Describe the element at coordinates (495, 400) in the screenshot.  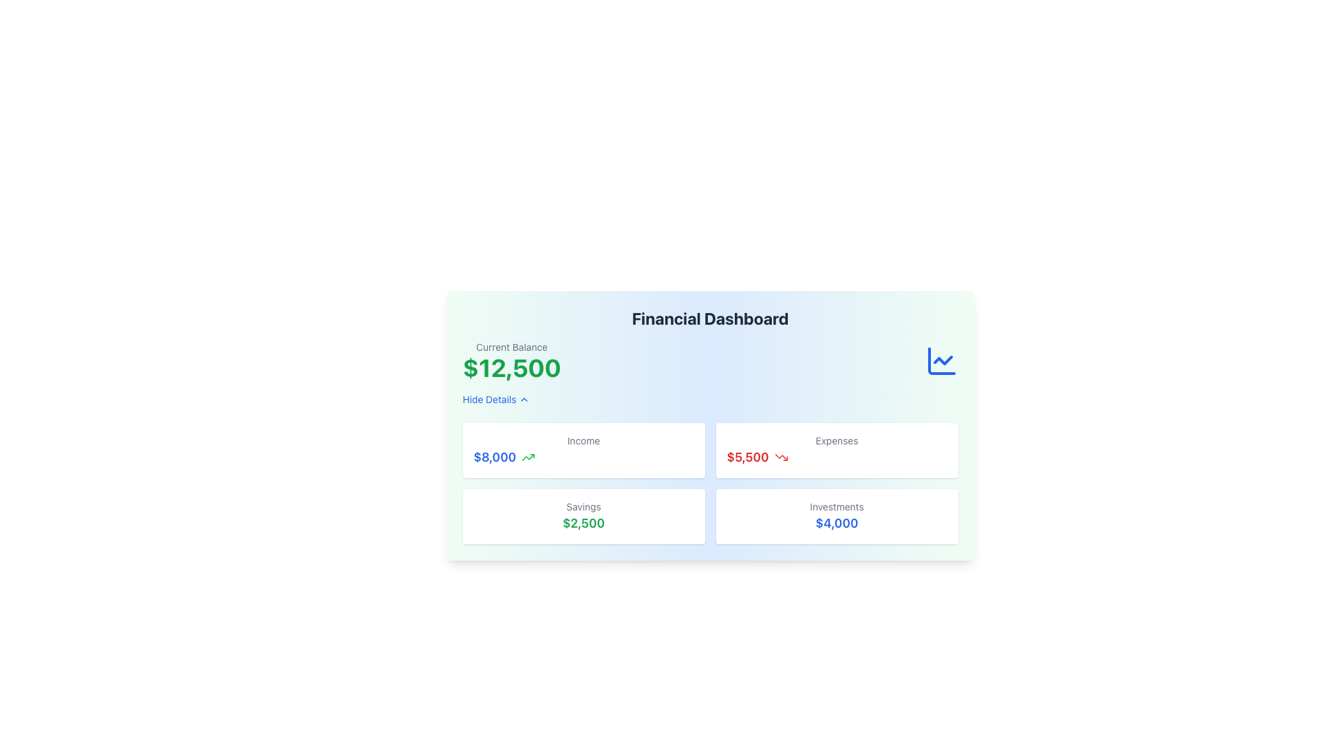
I see `the interactive link styled in blue with an underline that reads 'Hide Details'` at that location.